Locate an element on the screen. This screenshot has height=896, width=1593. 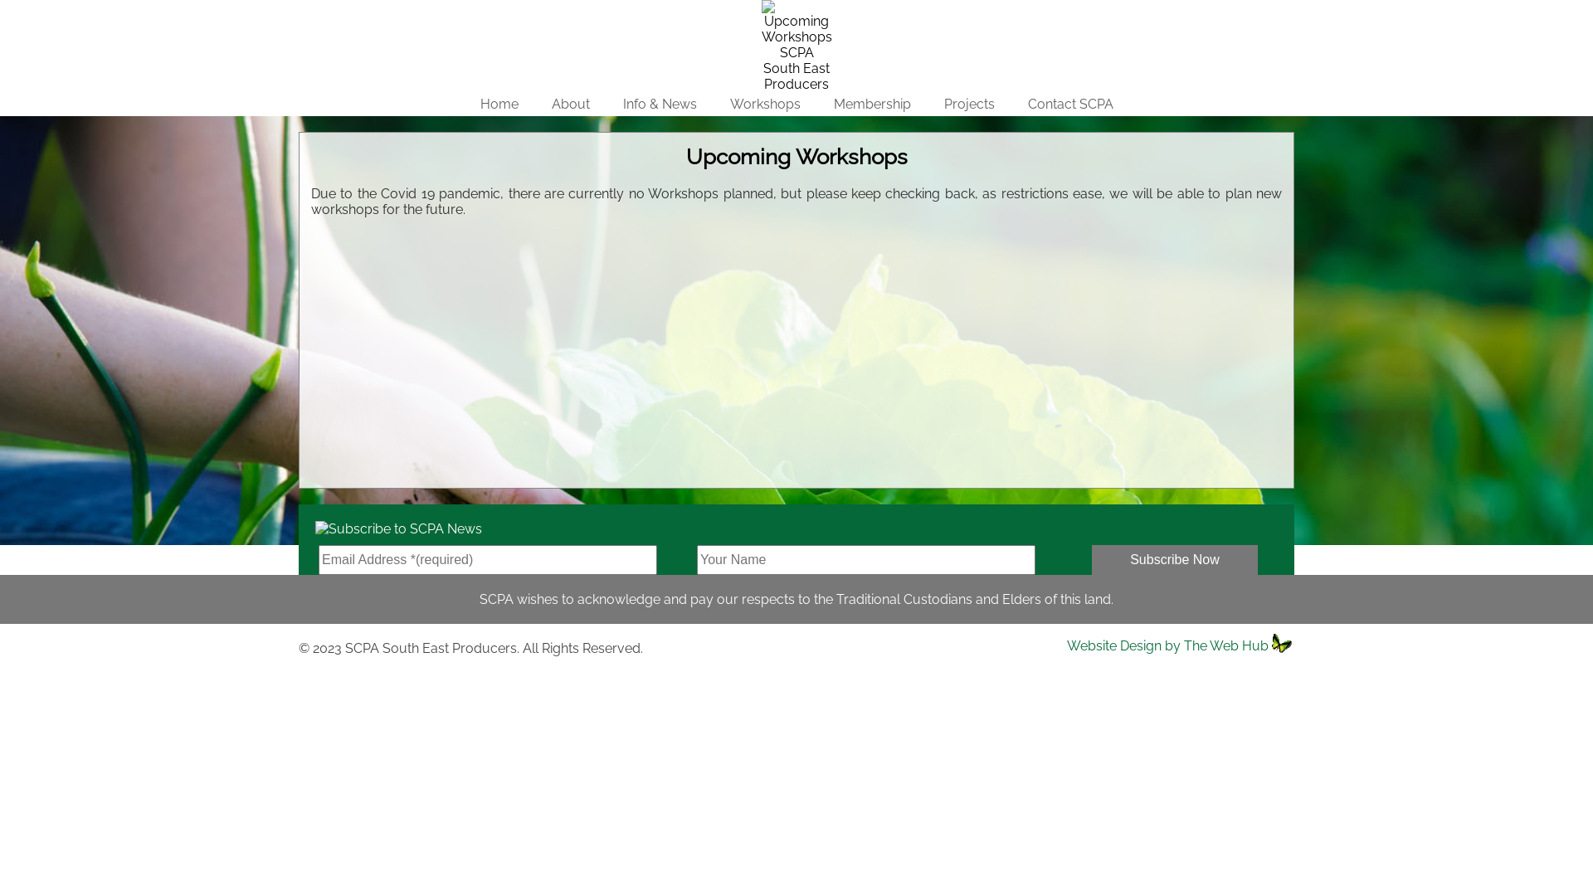
'Projects' is located at coordinates (969, 12).